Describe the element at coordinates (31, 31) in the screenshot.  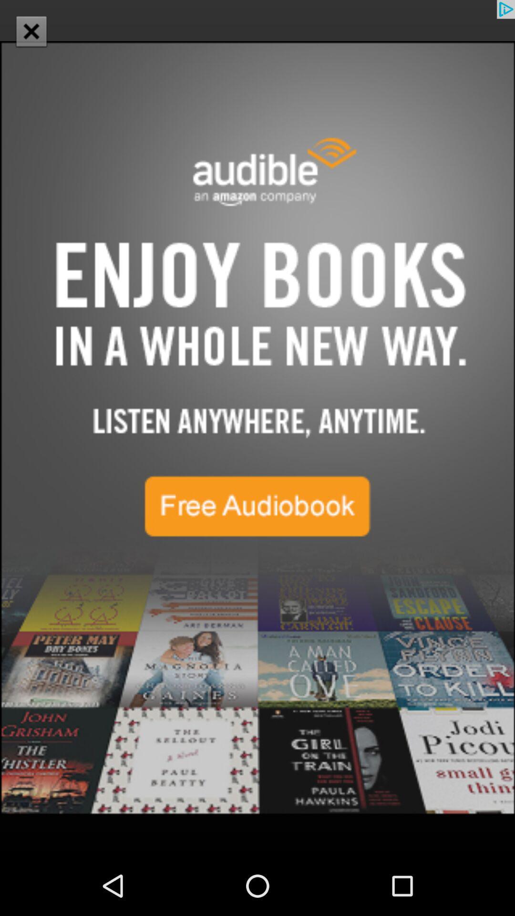
I see `the close icon` at that location.